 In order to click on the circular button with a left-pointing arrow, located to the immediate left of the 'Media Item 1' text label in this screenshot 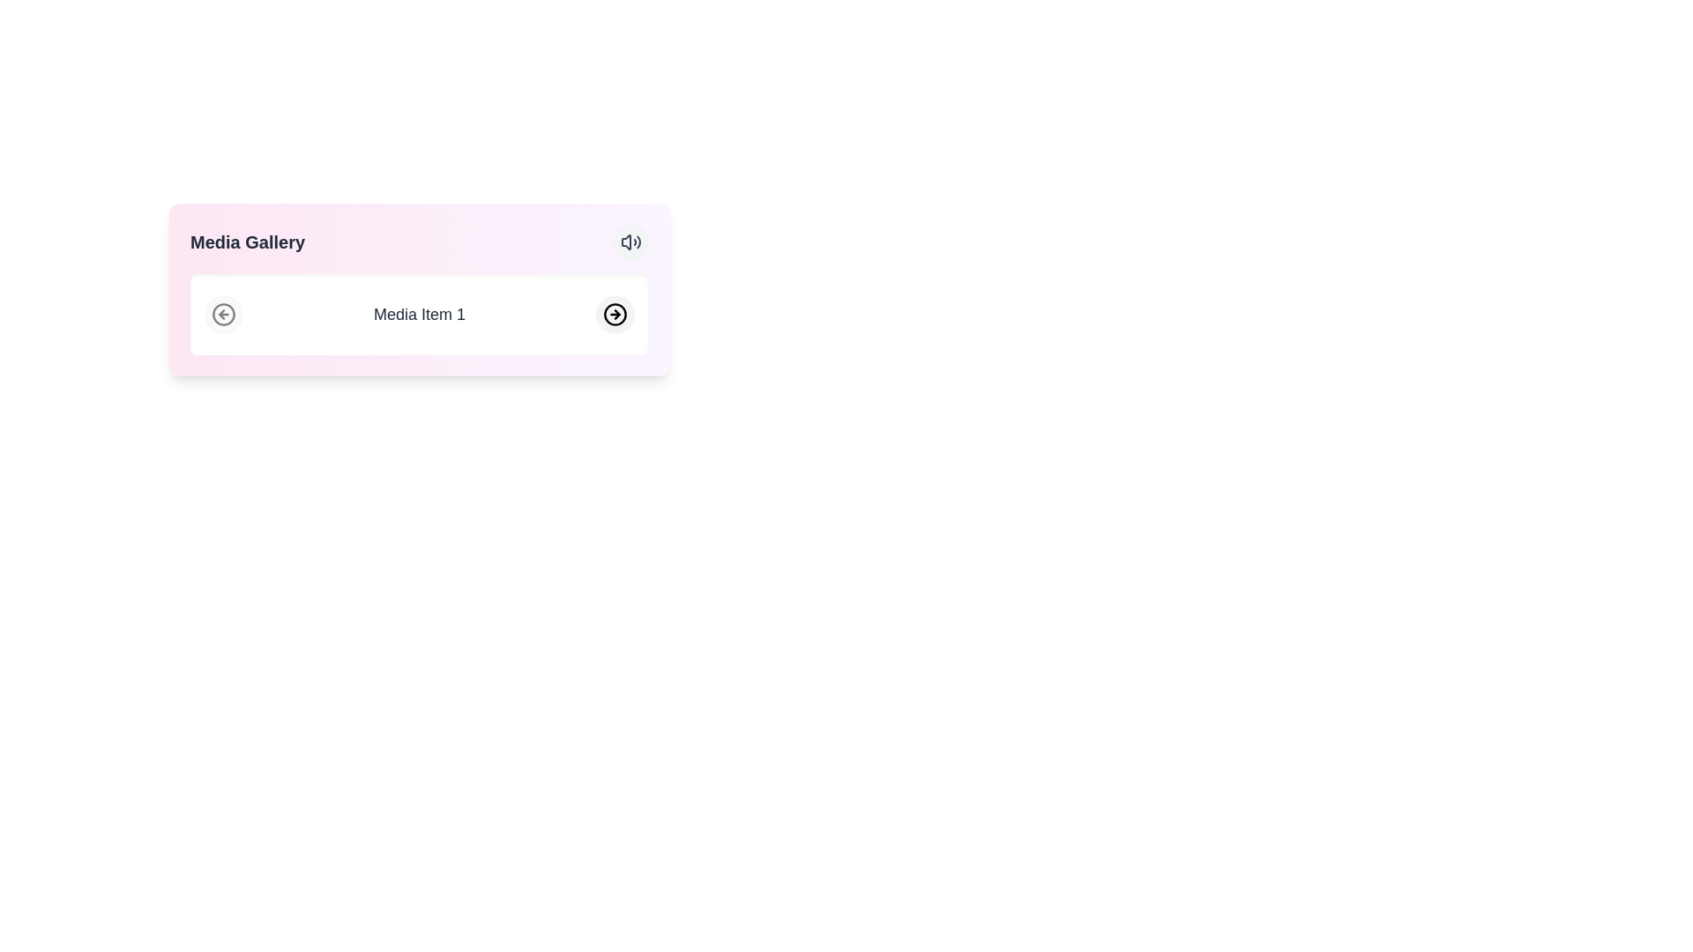, I will do `click(223, 314)`.